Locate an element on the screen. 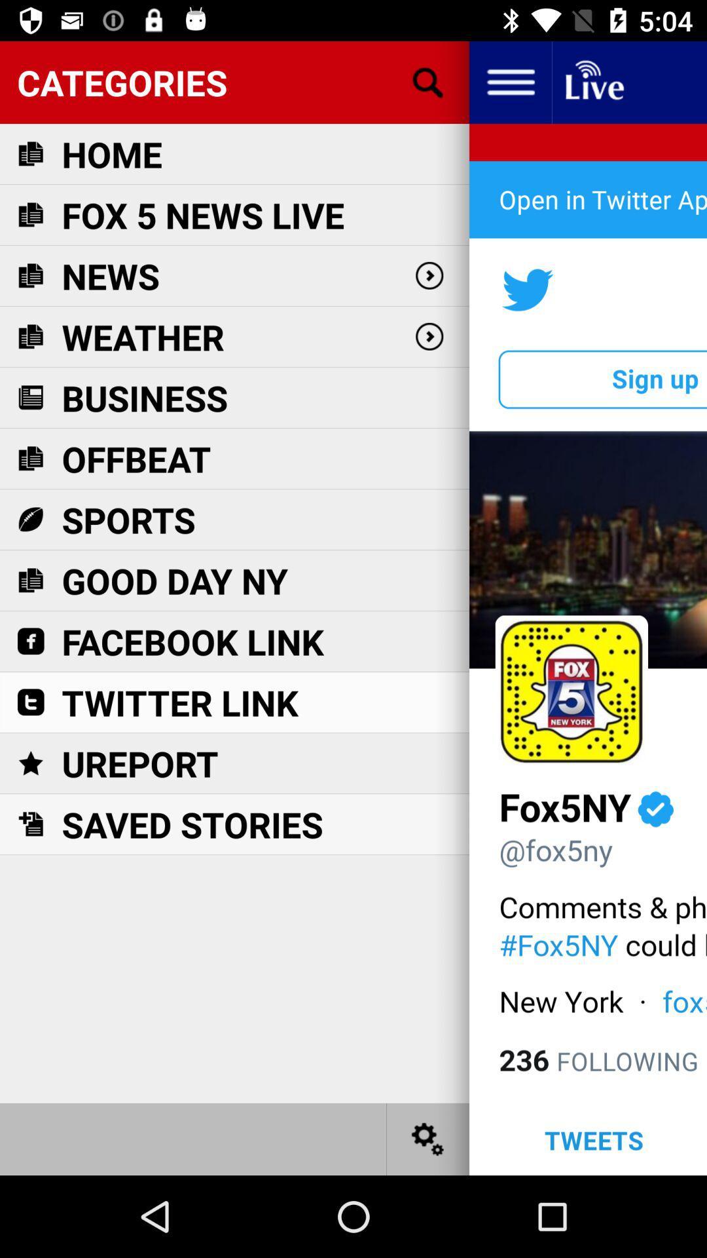 The height and width of the screenshot is (1258, 707). the menu icon is located at coordinates (509, 81).